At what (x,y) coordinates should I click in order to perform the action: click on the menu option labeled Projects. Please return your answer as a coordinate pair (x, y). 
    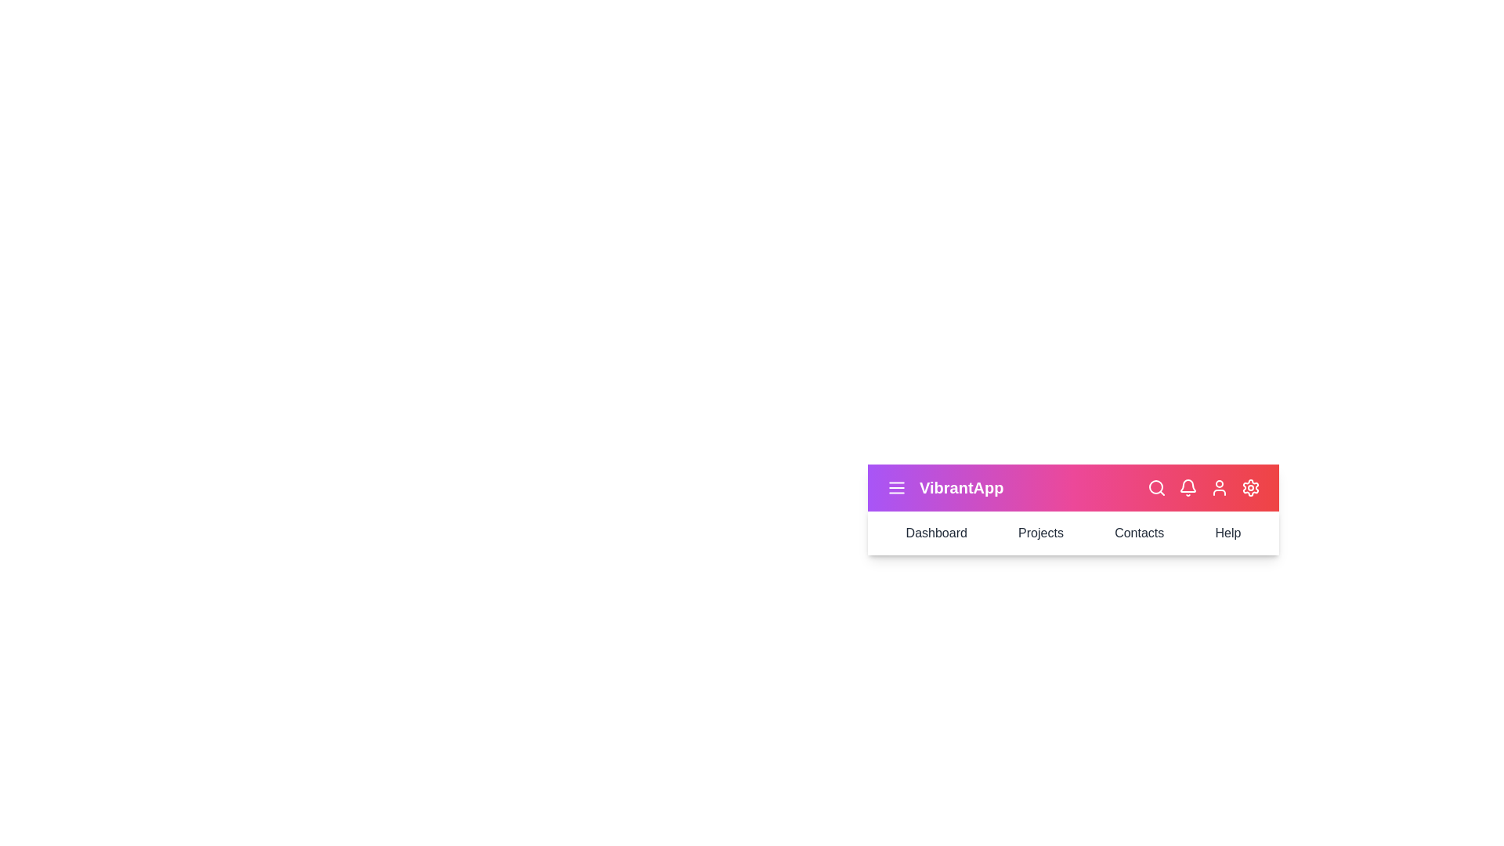
    Looking at the image, I should click on (1041, 533).